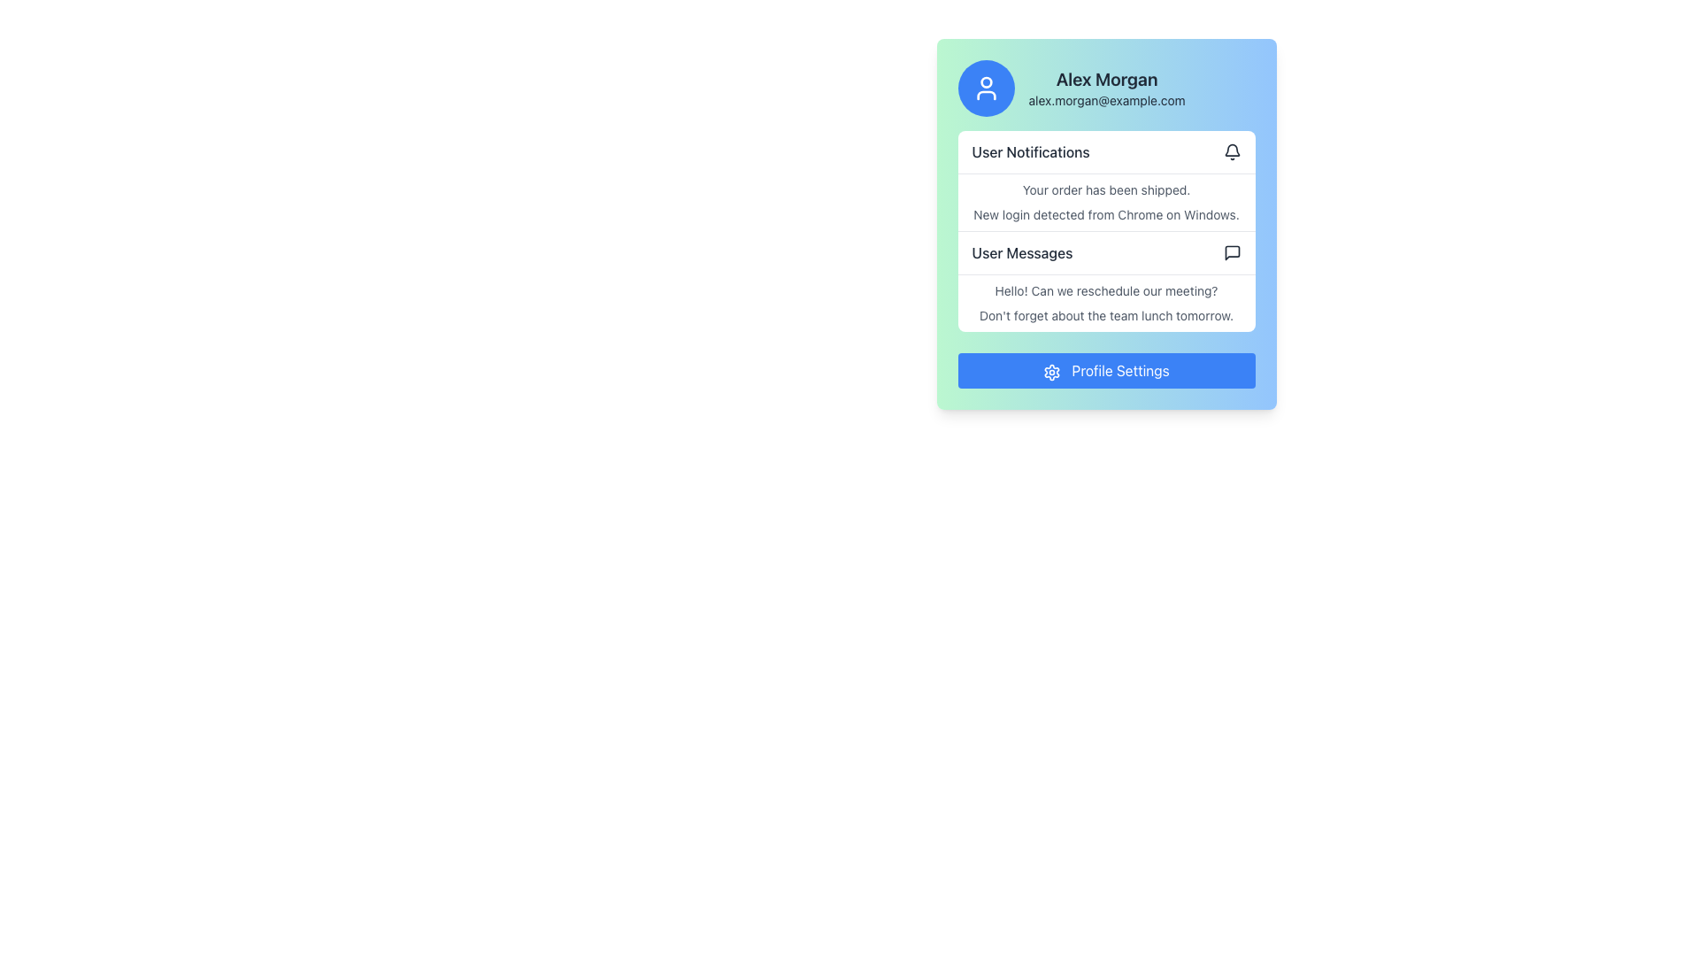 The height and width of the screenshot is (956, 1699). Describe the element at coordinates (985, 89) in the screenshot. I see `the user profile icon located at the upper left of the profile card, adjacent to the text content 'Alex Morgan' and 'alex.morgan@example.com'` at that location.